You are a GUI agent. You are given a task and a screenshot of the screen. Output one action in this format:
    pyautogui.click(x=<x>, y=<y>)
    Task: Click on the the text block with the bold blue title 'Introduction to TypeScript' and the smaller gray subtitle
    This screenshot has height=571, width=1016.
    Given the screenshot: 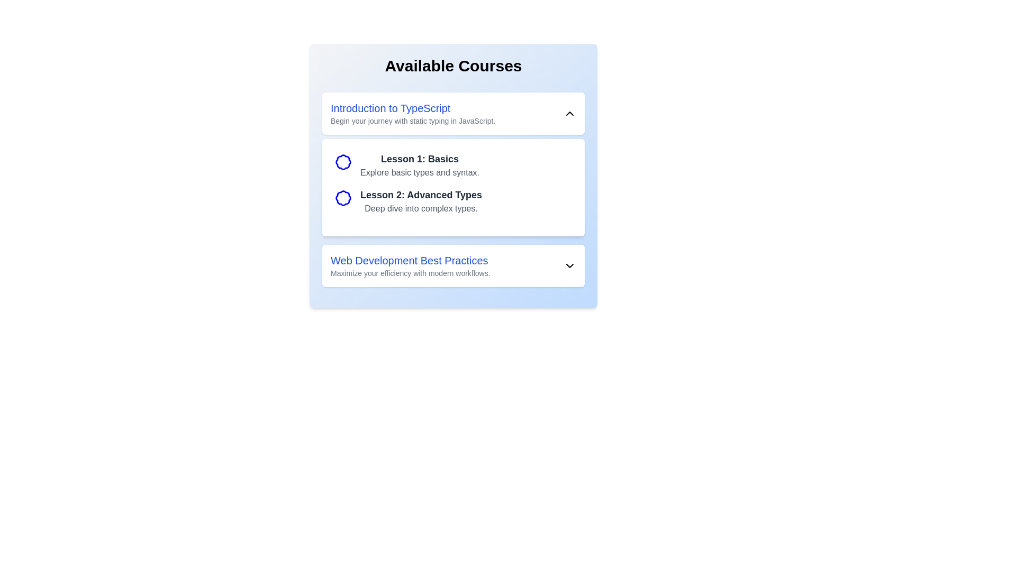 What is the action you would take?
    pyautogui.click(x=412, y=114)
    